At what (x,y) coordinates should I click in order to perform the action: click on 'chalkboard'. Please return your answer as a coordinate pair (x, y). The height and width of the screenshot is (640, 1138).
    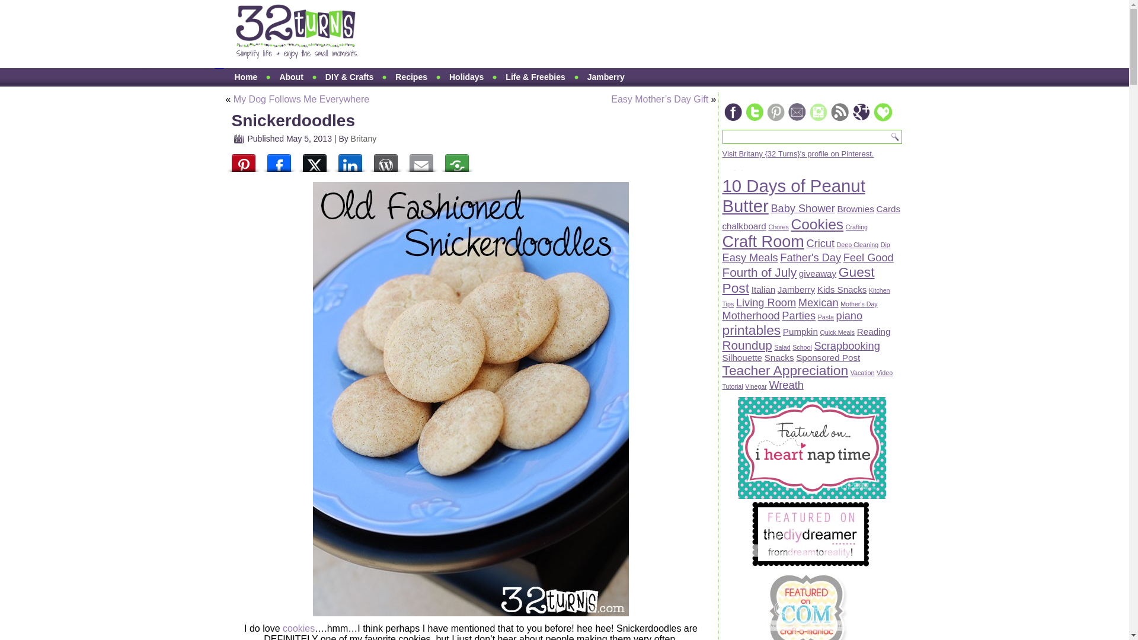
    Looking at the image, I should click on (743, 226).